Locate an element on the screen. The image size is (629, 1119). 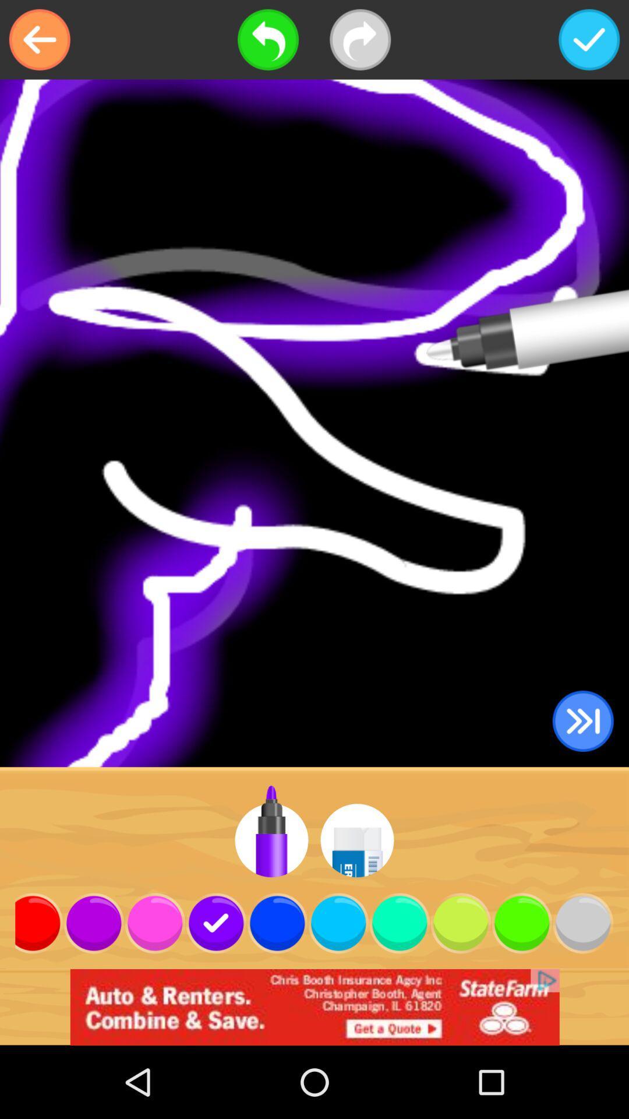
advertisement is located at coordinates (314, 1007).